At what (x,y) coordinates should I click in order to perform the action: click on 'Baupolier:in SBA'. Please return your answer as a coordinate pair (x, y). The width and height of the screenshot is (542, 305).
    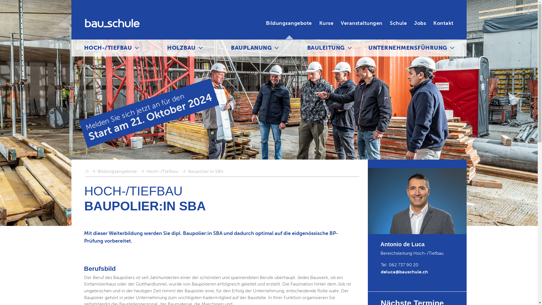
    Looking at the image, I should click on (205, 171).